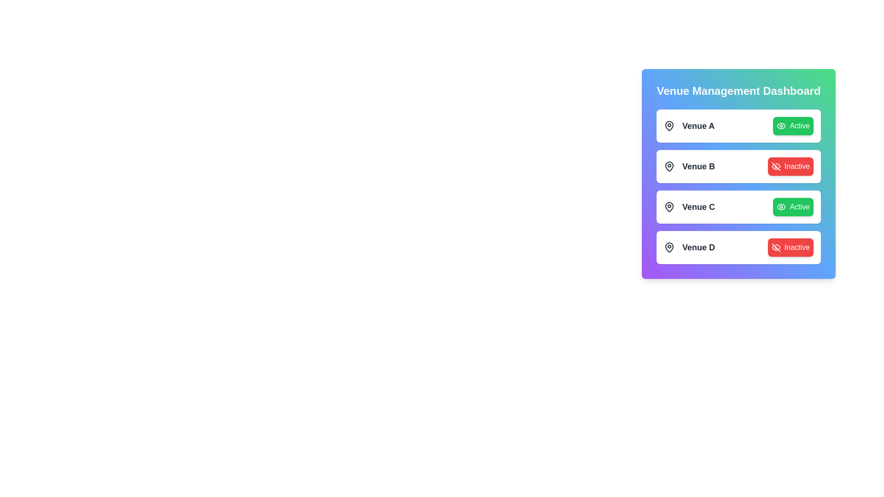 This screenshot has width=884, height=497. What do you see at coordinates (793, 207) in the screenshot?
I see `button corresponding to the venue Venue C to toggle its status` at bounding box center [793, 207].